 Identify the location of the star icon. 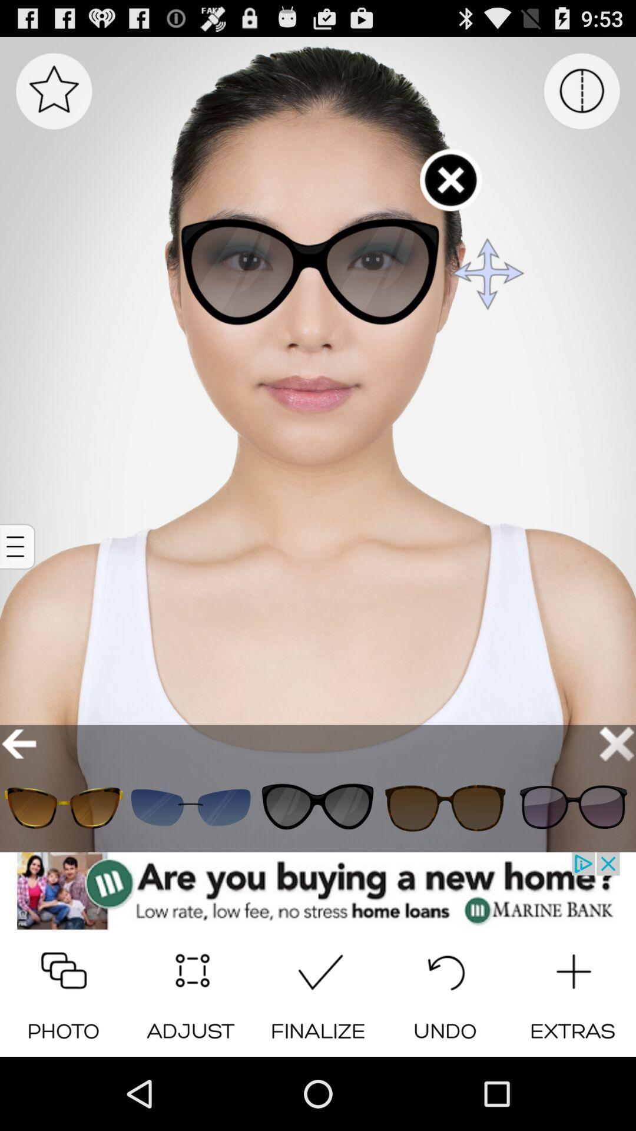
(54, 97).